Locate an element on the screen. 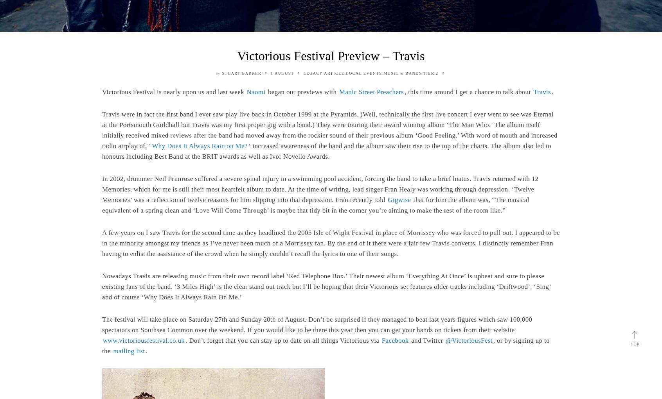 Image resolution: width=662 pixels, height=399 pixels. 'Stuart Barker' is located at coordinates (221, 73).